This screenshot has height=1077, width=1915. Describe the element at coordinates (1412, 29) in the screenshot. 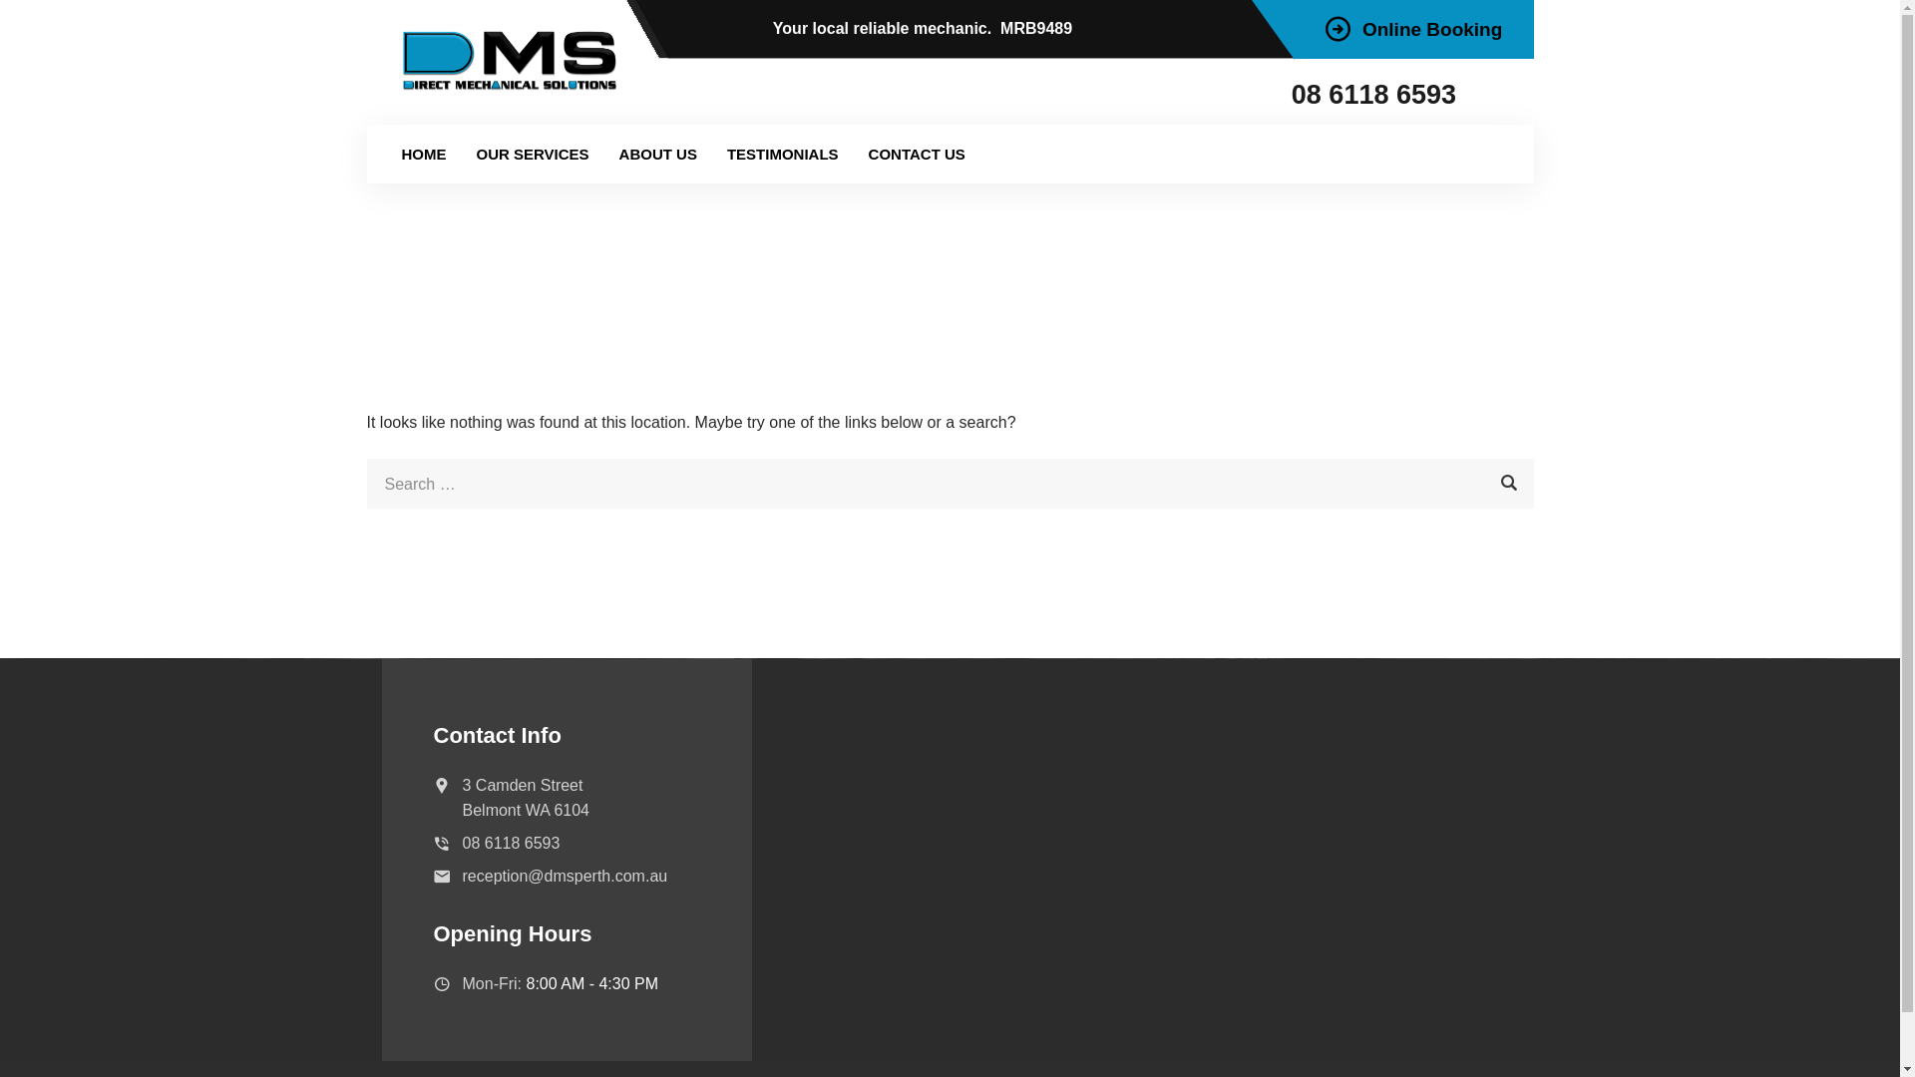

I see `'Online Booking'` at that location.